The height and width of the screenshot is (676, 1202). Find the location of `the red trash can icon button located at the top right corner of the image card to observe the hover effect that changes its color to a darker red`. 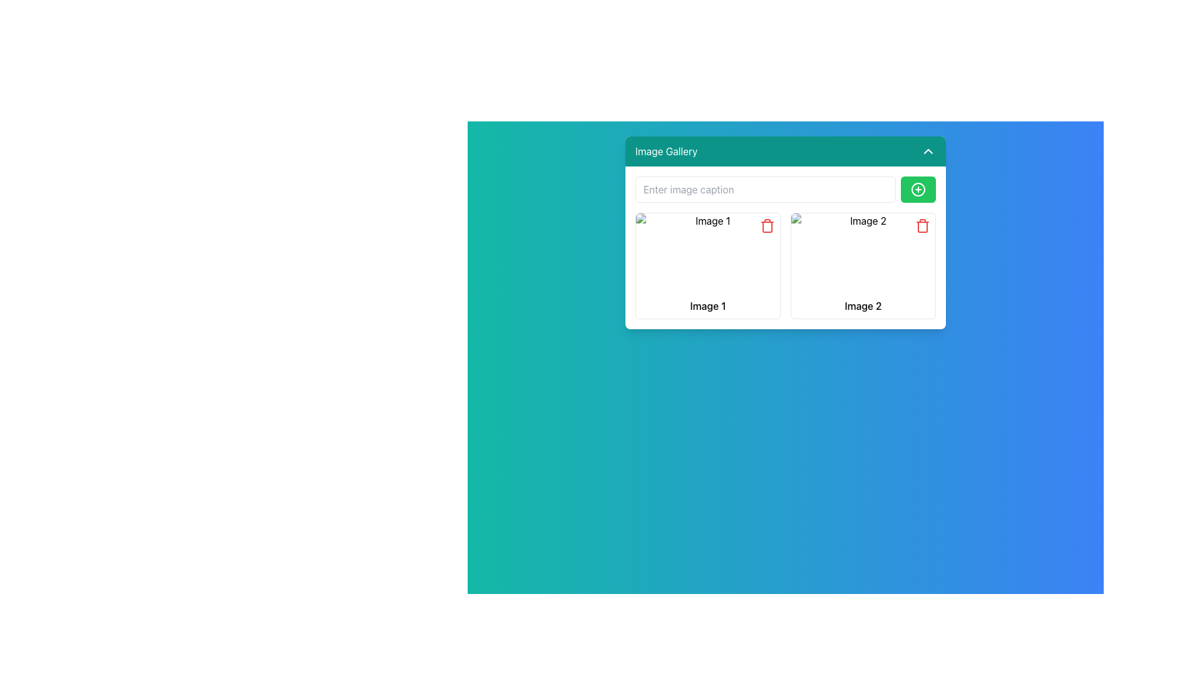

the red trash can icon button located at the top right corner of the image card to observe the hover effect that changes its color to a darker red is located at coordinates (922, 226).